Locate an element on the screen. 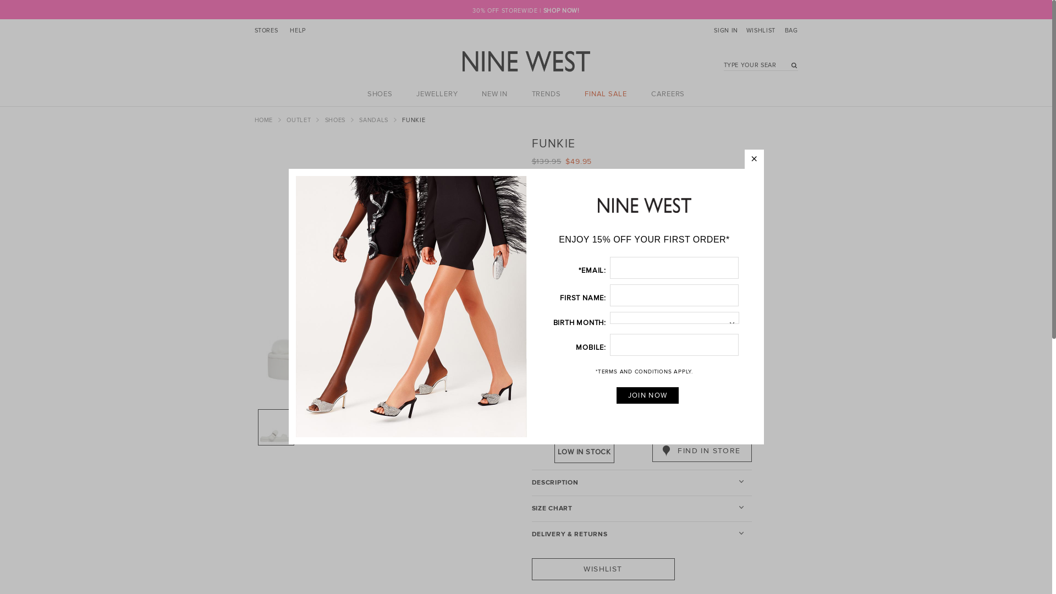 The width and height of the screenshot is (1056, 594). 'WISHLIST' is located at coordinates (759, 31).